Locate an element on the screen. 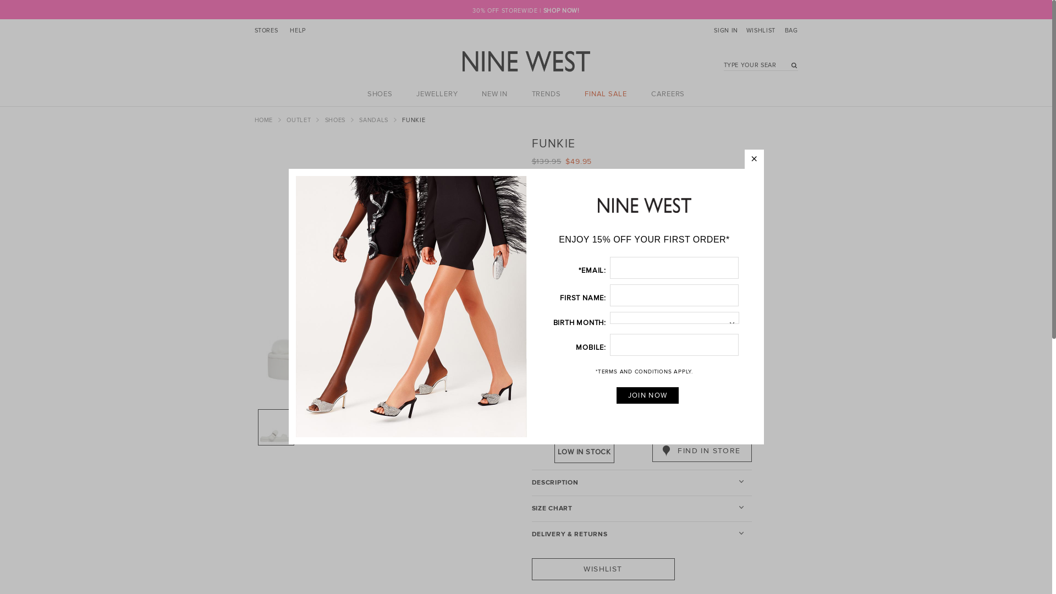 The width and height of the screenshot is (1056, 594). 'WISHLIST' is located at coordinates (759, 31).